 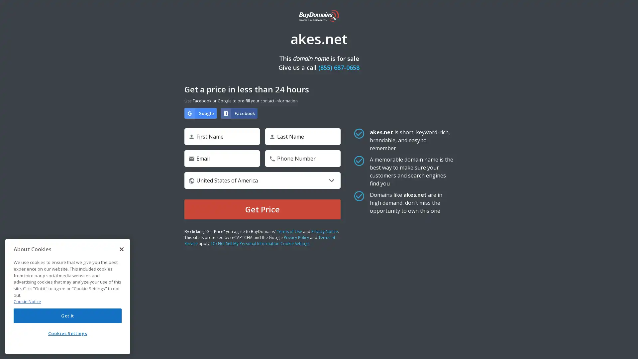 I want to click on Cookies Settings, so click(x=67, y=333).